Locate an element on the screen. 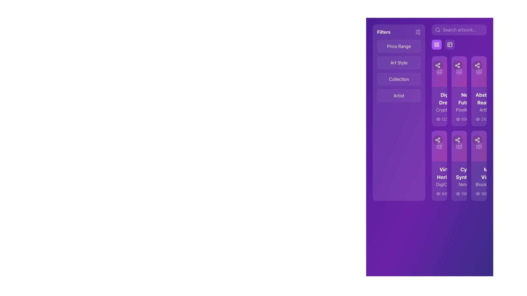  to interact with the second card in the third column of the vertically arranged list of card-like components representing an item, such as digital artwork is located at coordinates (459, 181).